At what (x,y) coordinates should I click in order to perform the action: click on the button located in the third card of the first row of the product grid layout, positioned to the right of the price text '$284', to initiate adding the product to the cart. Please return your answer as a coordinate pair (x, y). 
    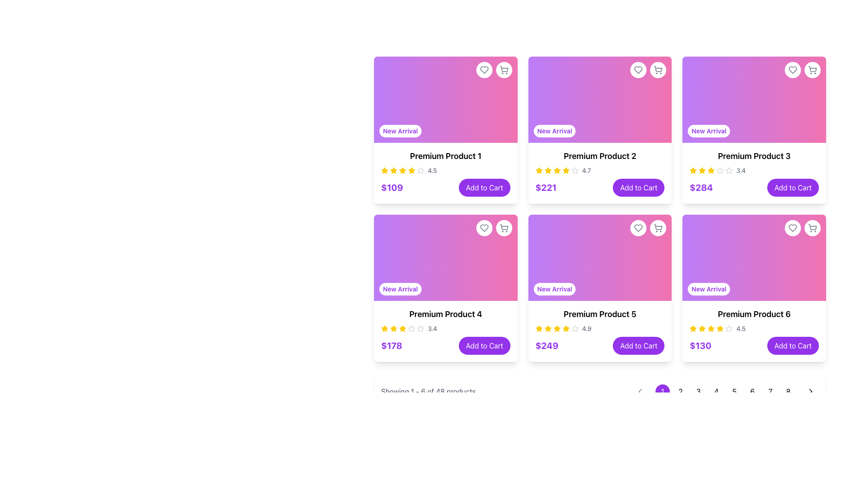
    Looking at the image, I should click on (793, 187).